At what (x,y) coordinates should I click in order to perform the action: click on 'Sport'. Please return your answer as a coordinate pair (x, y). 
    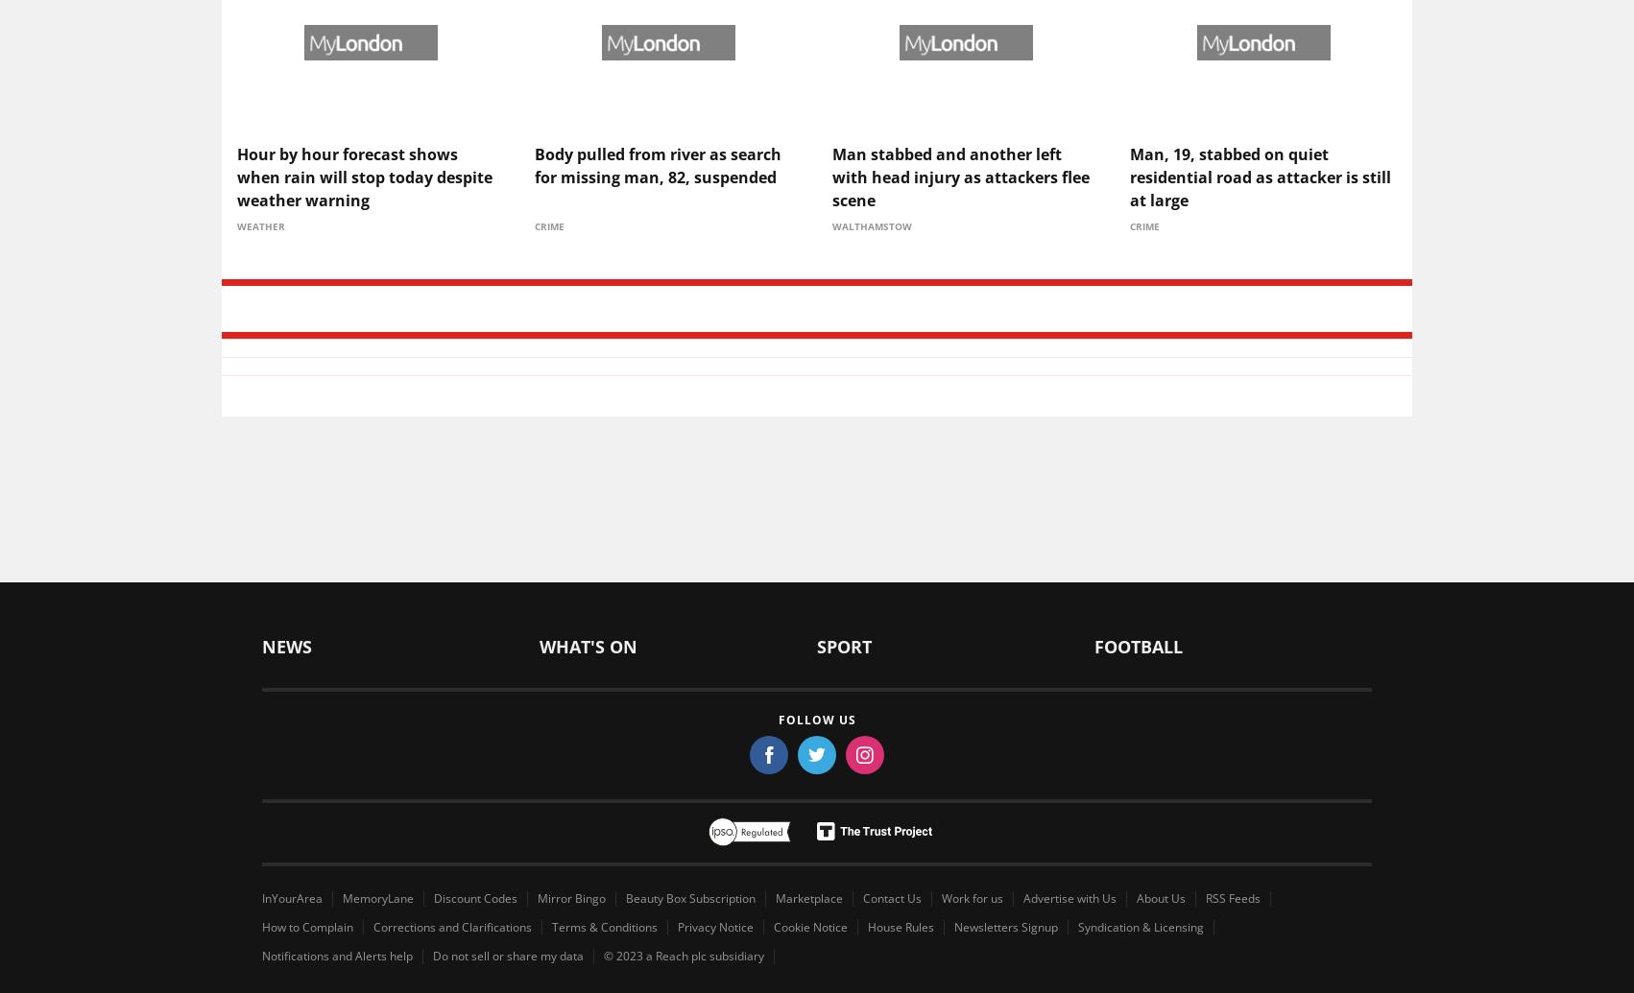
    Looking at the image, I should click on (817, 644).